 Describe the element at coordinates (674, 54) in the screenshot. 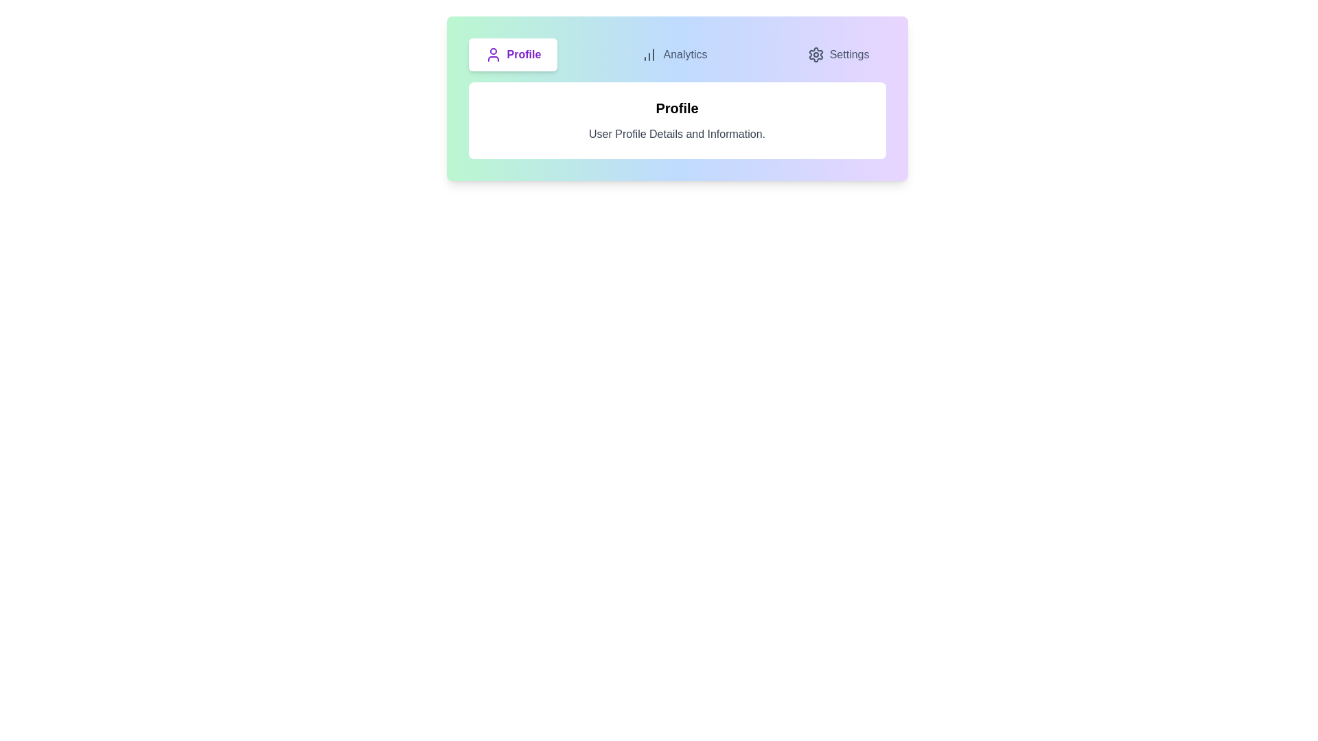

I see `the Analytics tab button to switch to the corresponding tab` at that location.